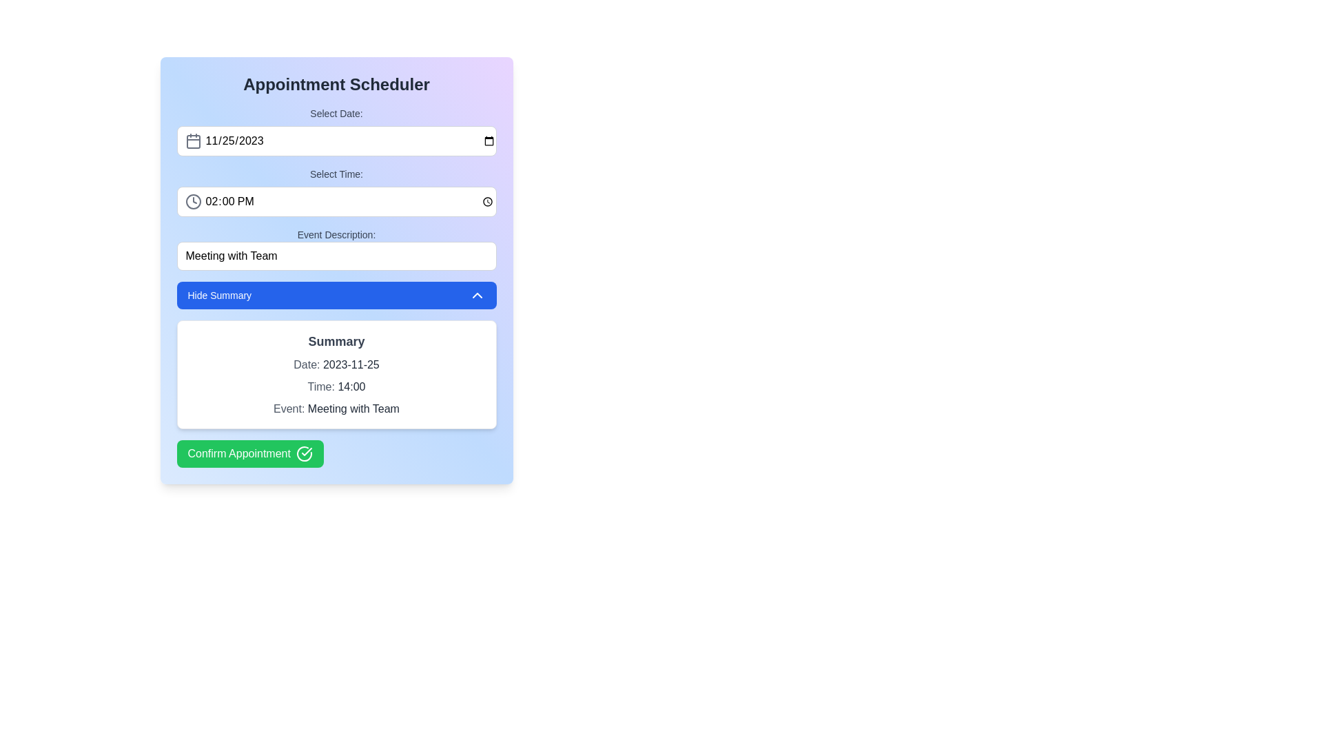 The height and width of the screenshot is (744, 1323). I want to click on the text label displaying the date '2023-11-25' located within the summary section of the appointment scheduler, which is to the right of the 'Date:' label, so click(351, 364).